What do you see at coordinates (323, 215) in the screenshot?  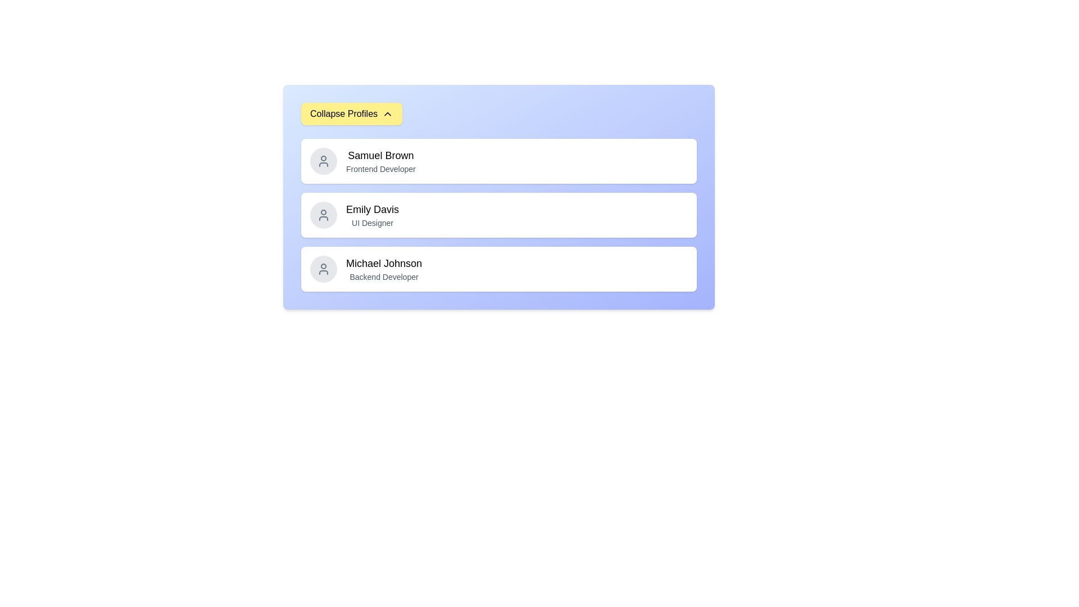 I see `the profile image placeholder icon for Emily Davis` at bounding box center [323, 215].